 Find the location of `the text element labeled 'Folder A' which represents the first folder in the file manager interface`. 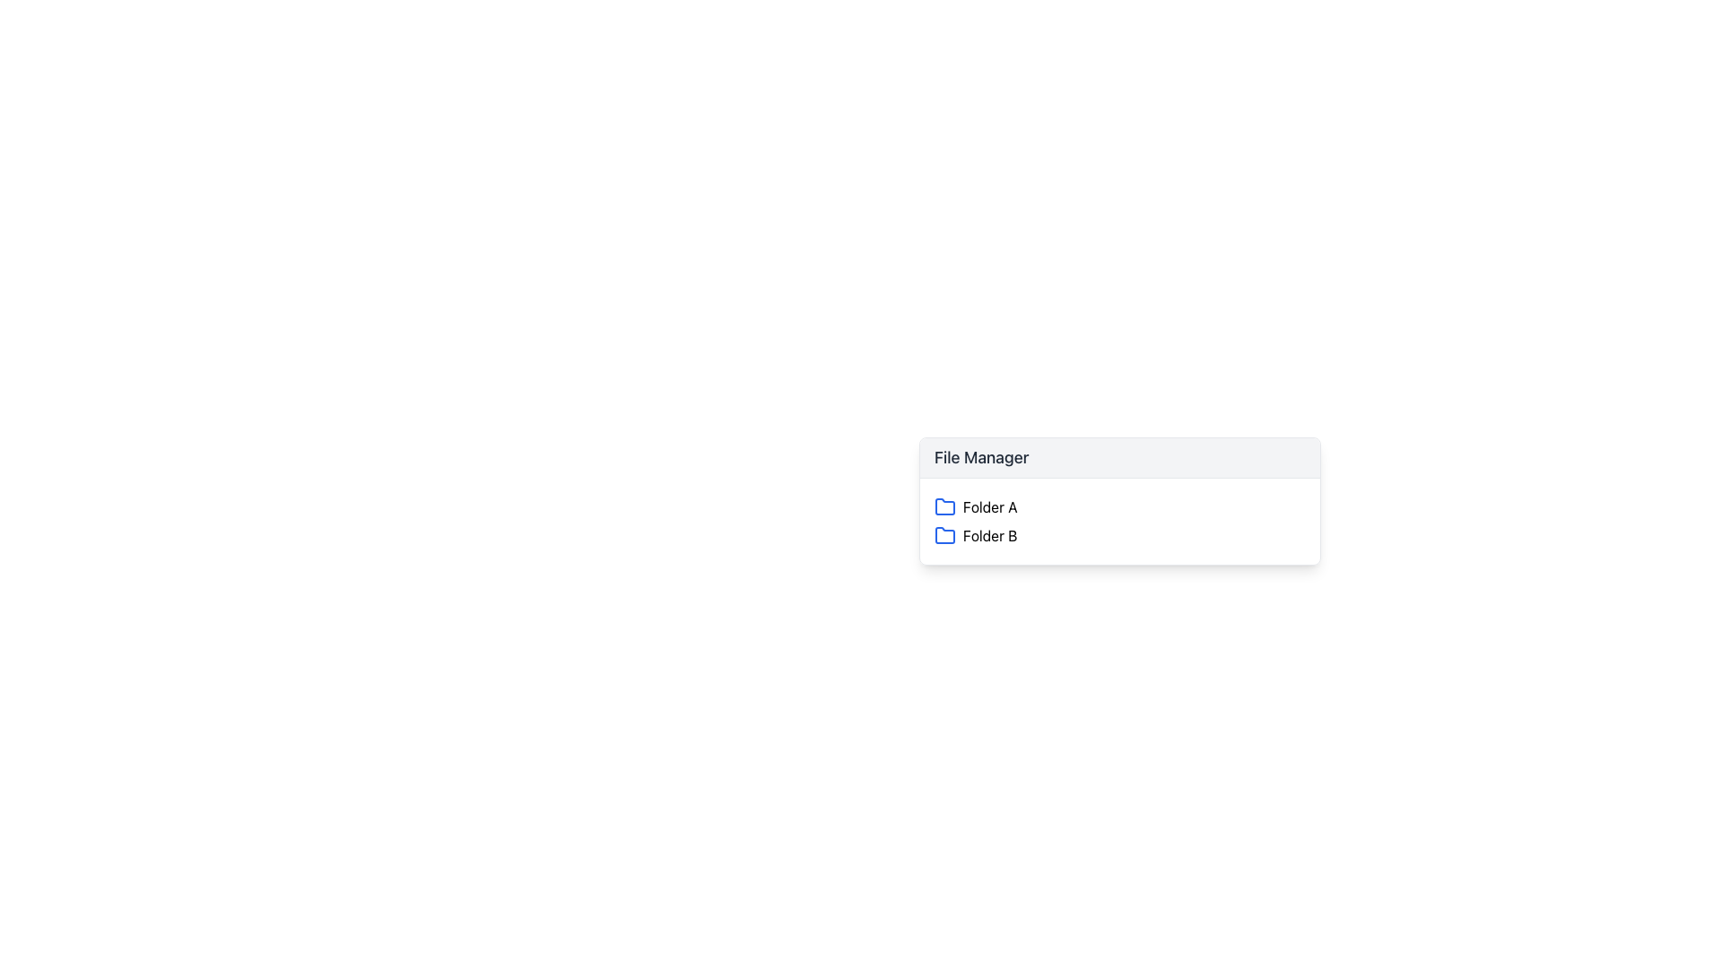

the text element labeled 'Folder A' which represents the first folder in the file manager interface is located at coordinates (989, 507).